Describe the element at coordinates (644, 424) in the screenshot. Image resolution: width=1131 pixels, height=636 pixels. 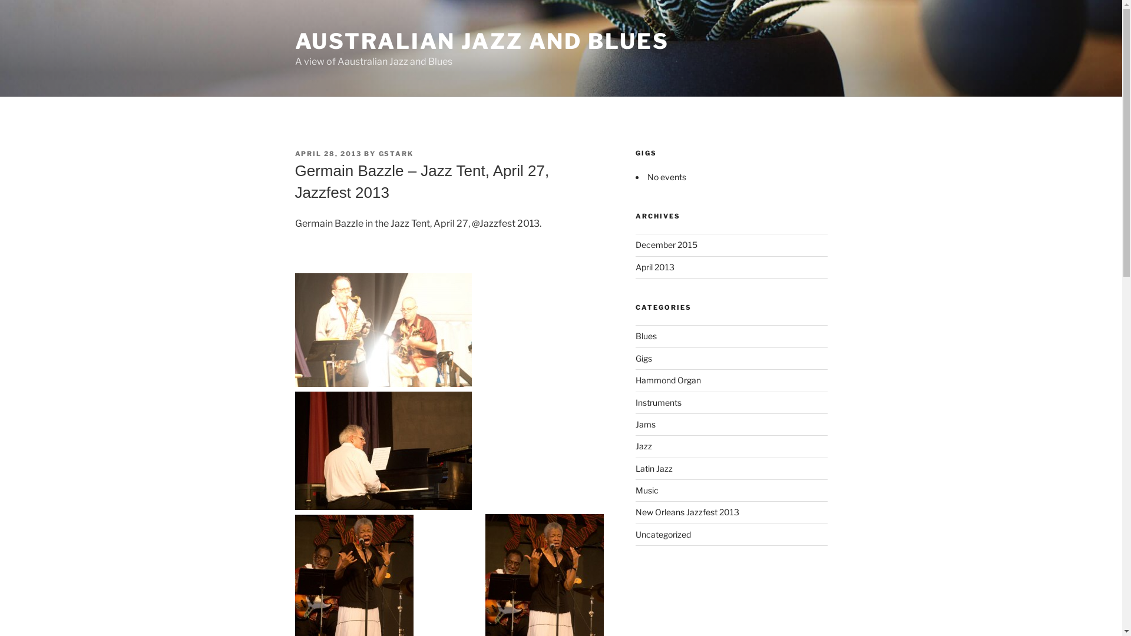
I see `'Jams'` at that location.